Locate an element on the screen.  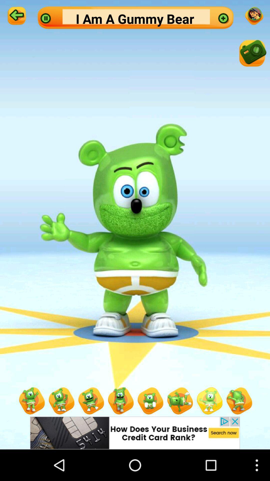
the avatar icon is located at coordinates (31, 430).